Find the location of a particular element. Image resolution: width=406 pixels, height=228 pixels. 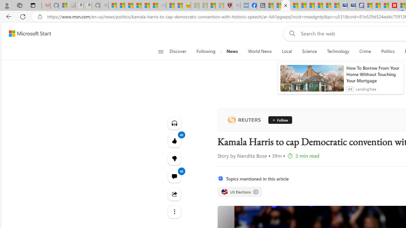

'World News' is located at coordinates (260, 51).